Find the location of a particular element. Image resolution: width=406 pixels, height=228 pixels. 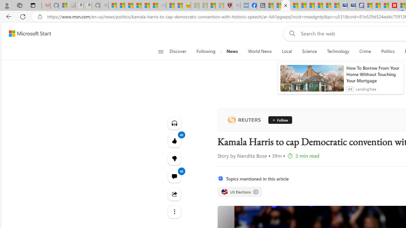

'World News' is located at coordinates (260, 51).